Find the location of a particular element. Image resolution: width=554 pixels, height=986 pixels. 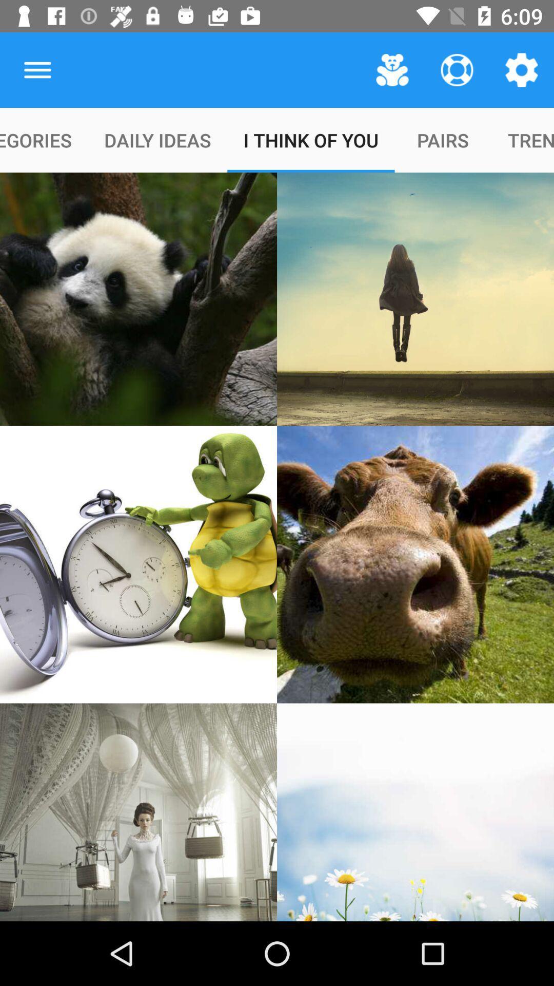

last image on right is located at coordinates (415, 812).